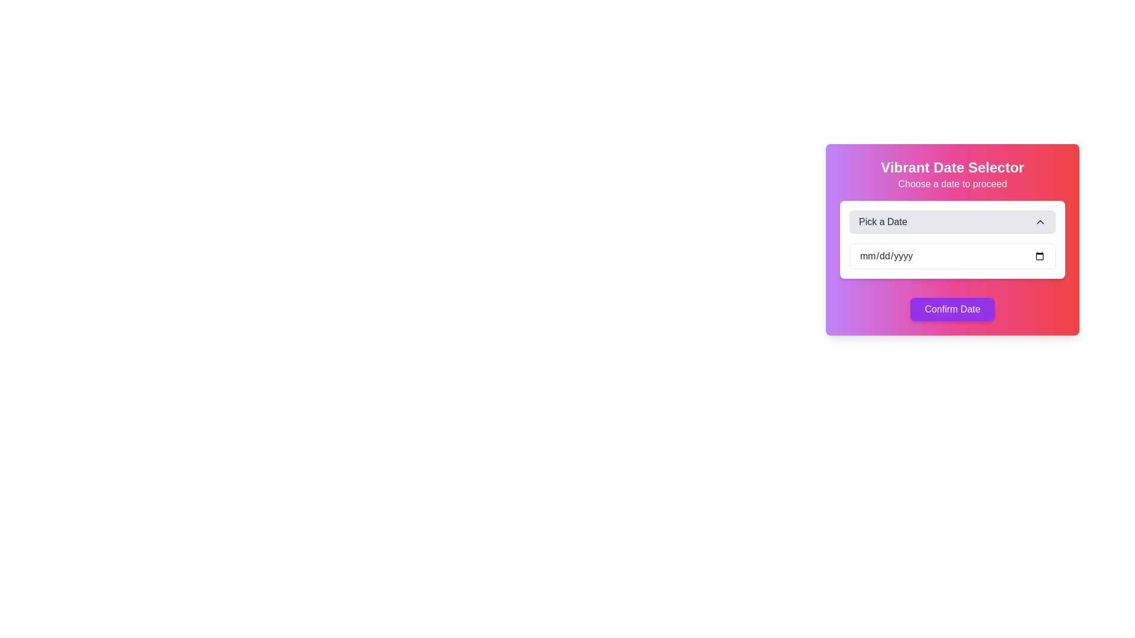  What do you see at coordinates (952, 239) in the screenshot?
I see `the dropdown in the 'Vibrant Date Selector' component` at bounding box center [952, 239].